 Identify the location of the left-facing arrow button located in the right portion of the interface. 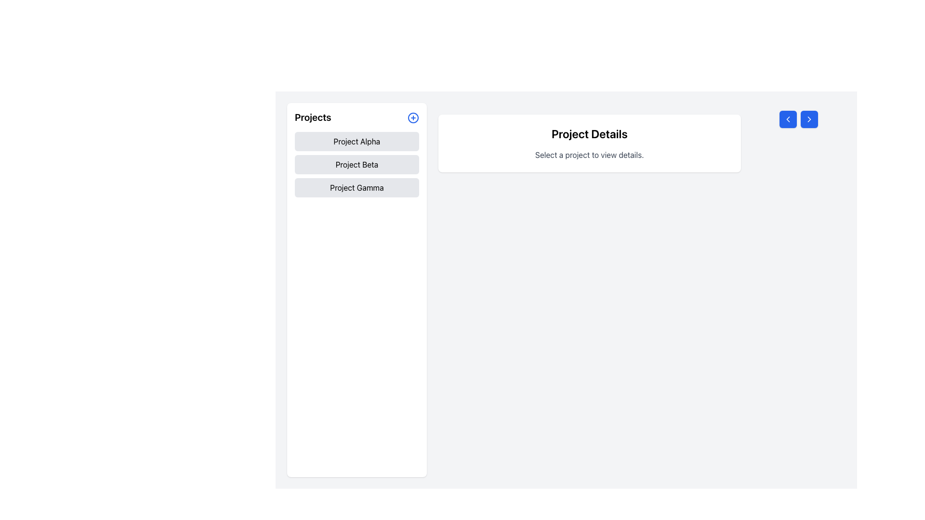
(788, 118).